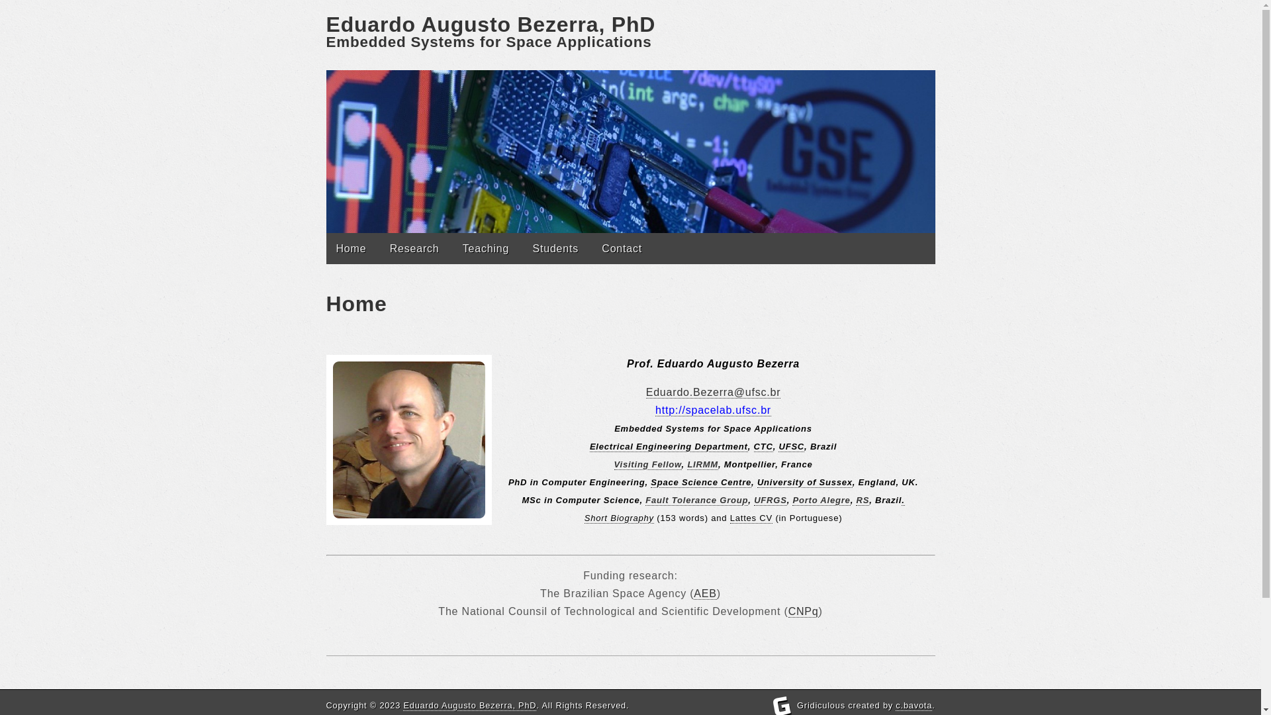 The width and height of the screenshot is (1271, 715). Describe the element at coordinates (613, 464) in the screenshot. I see `'Visiting Fellow'` at that location.